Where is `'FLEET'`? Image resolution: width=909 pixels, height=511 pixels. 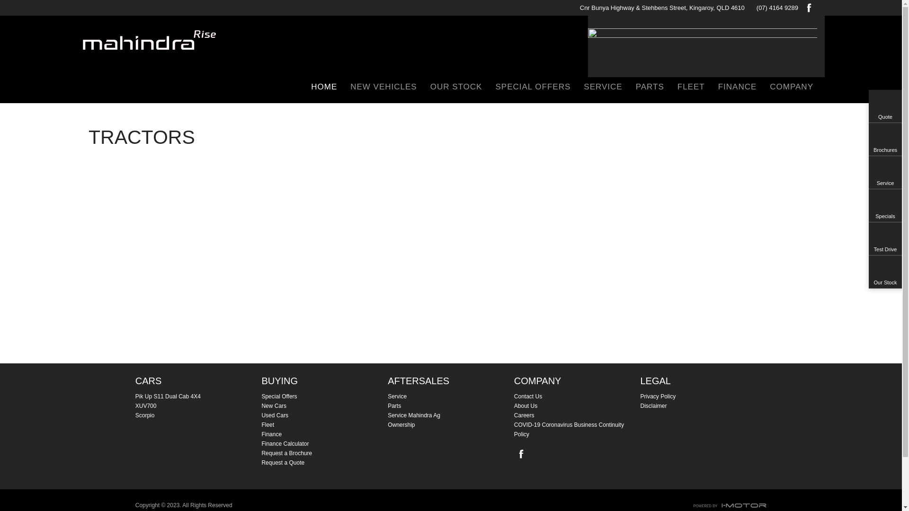 'FLEET' is located at coordinates (691, 88).